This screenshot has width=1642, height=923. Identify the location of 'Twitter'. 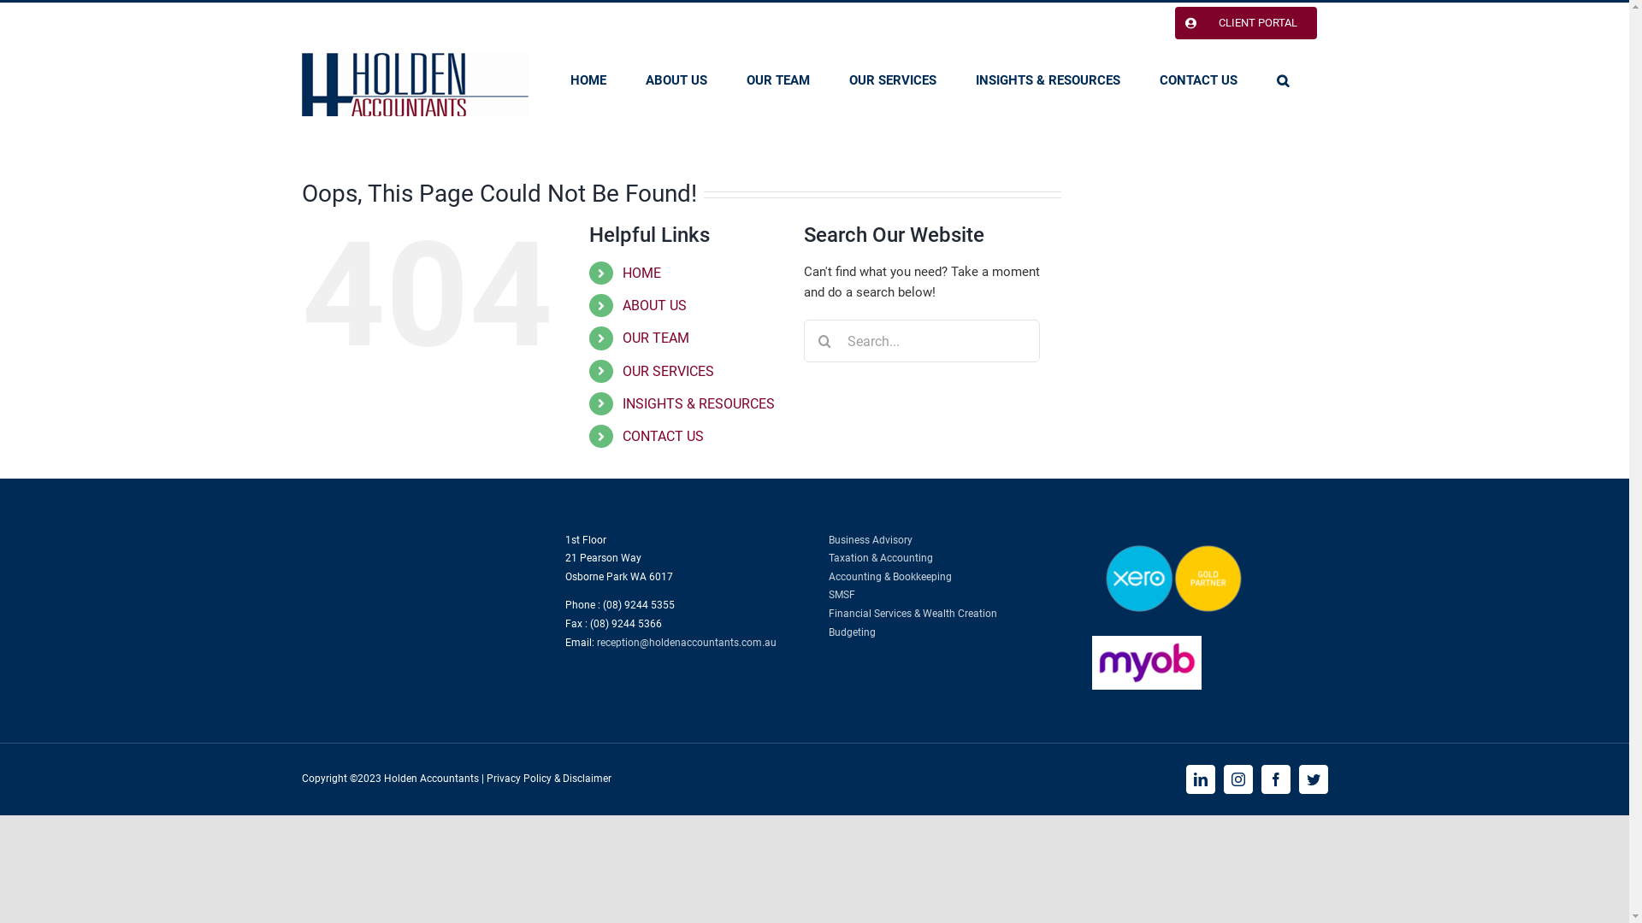
(1312, 779).